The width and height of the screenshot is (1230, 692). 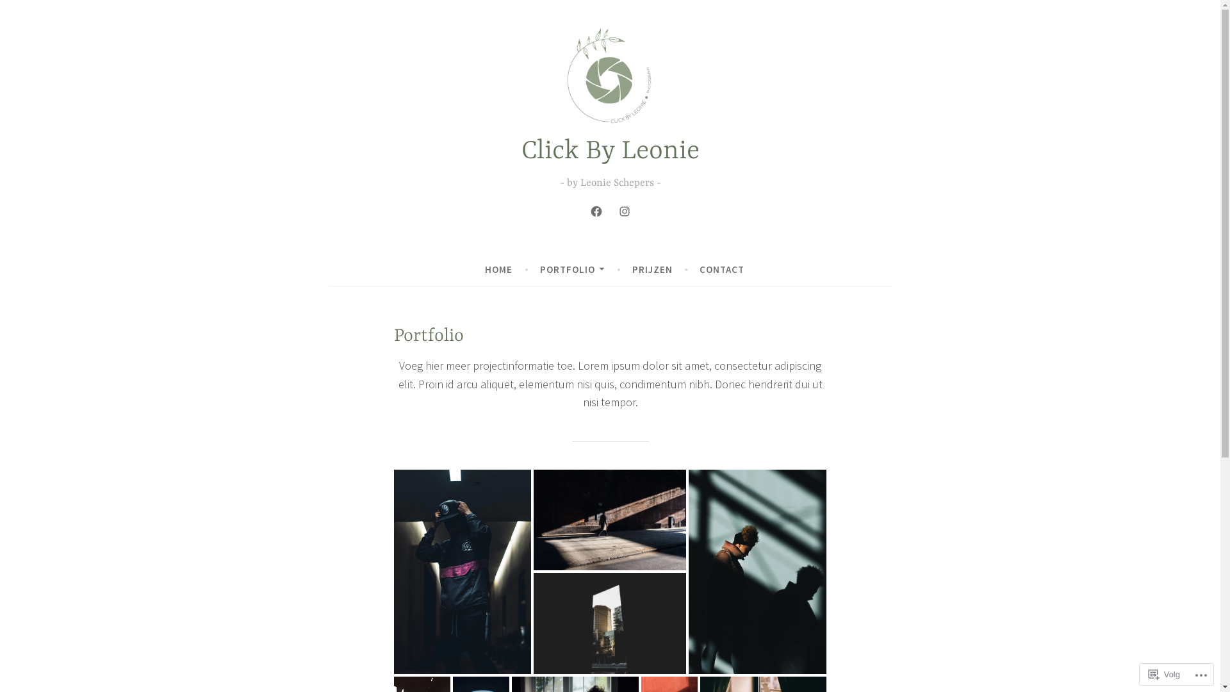 What do you see at coordinates (652, 268) in the screenshot?
I see `'PRIJZEN'` at bounding box center [652, 268].